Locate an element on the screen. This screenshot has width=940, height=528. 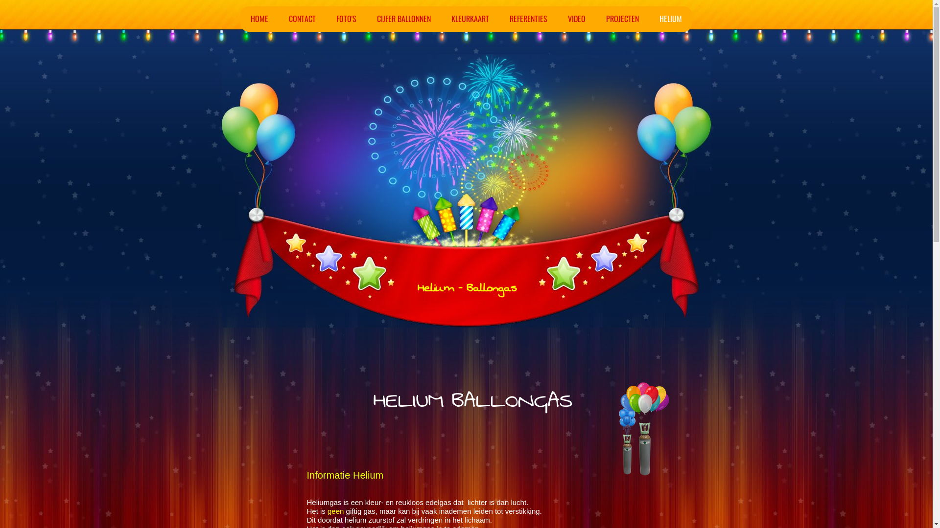
'CIJFER BALLONNEN' is located at coordinates (404, 19).